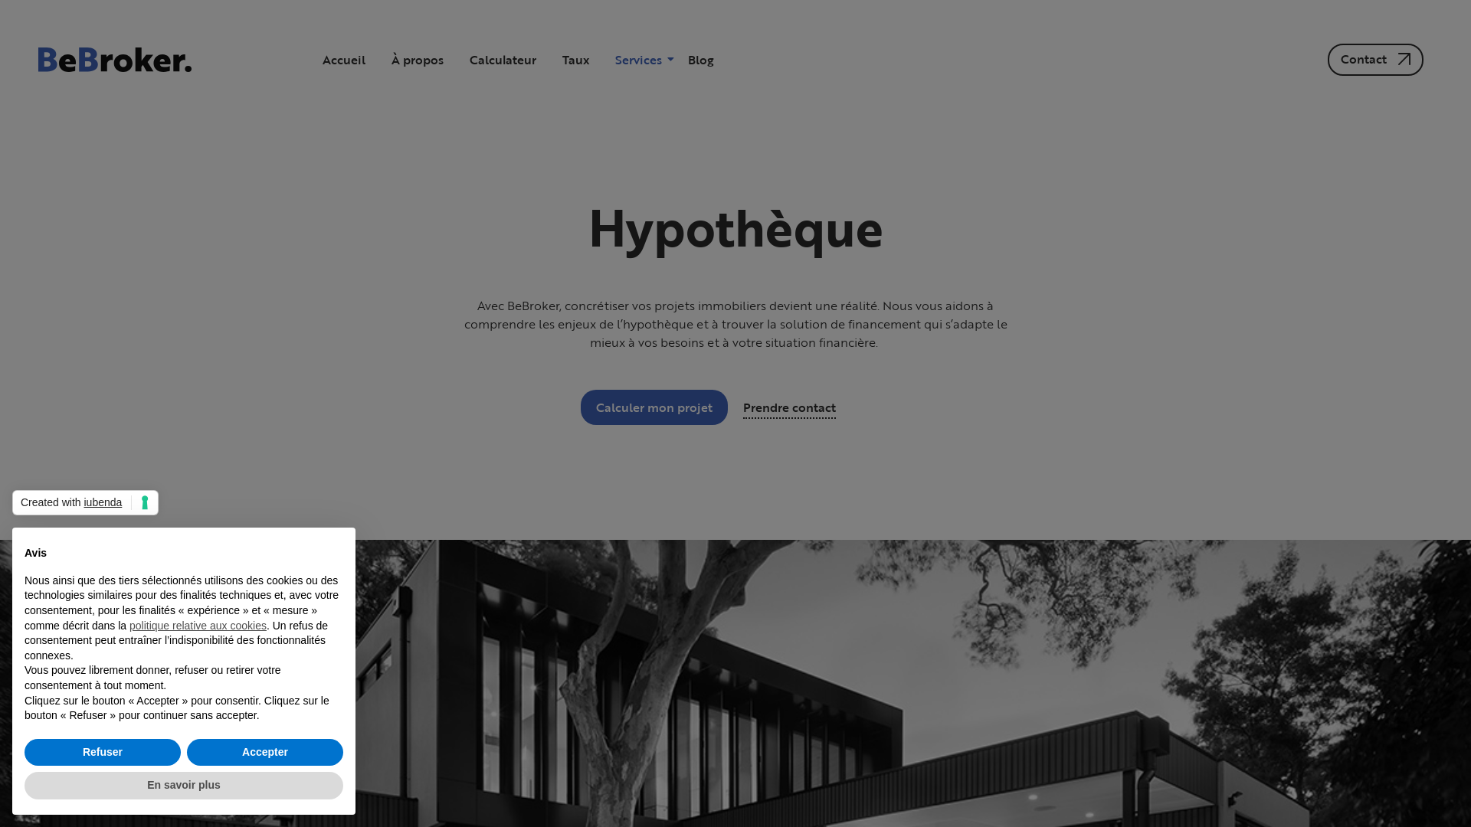  Describe the element at coordinates (503, 58) in the screenshot. I see `'Calculateur'` at that location.